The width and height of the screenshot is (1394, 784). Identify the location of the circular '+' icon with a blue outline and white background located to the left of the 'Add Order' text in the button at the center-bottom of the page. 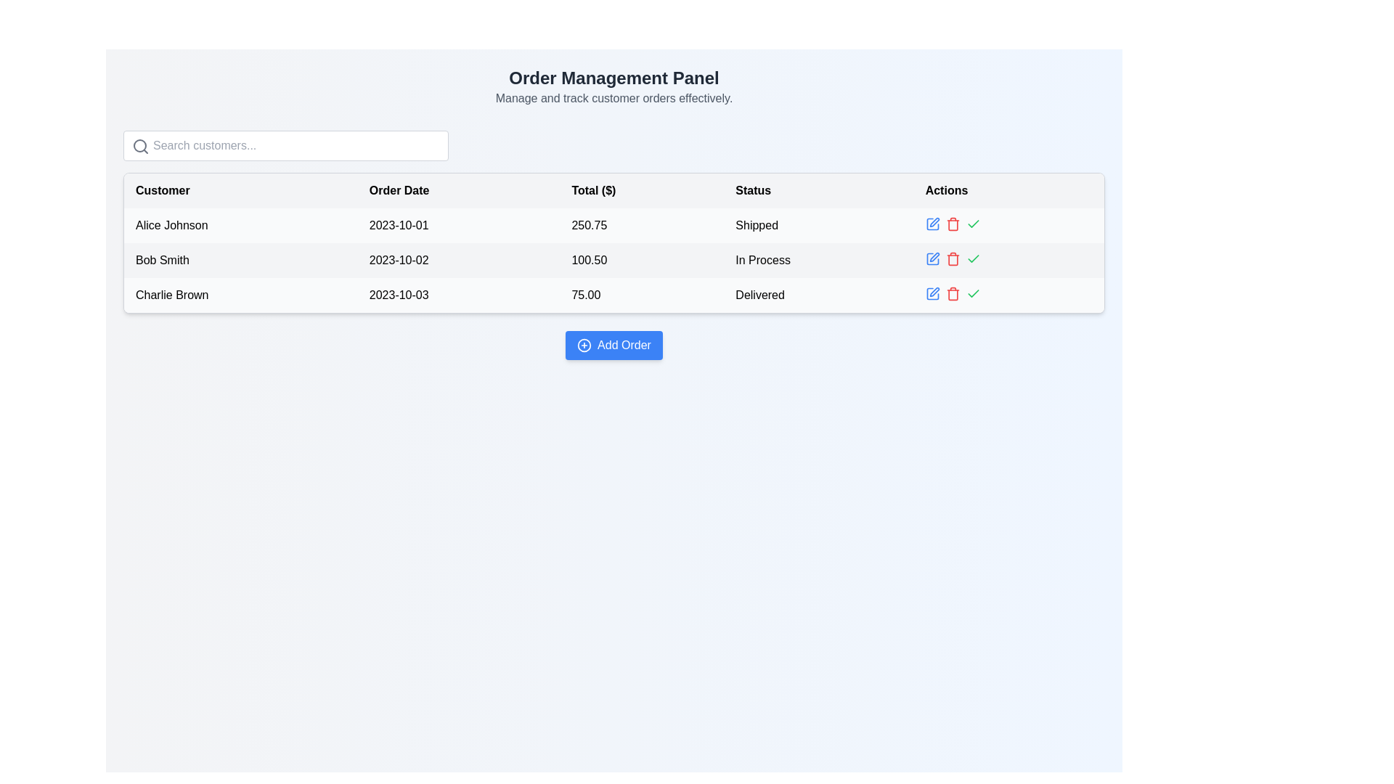
(584, 345).